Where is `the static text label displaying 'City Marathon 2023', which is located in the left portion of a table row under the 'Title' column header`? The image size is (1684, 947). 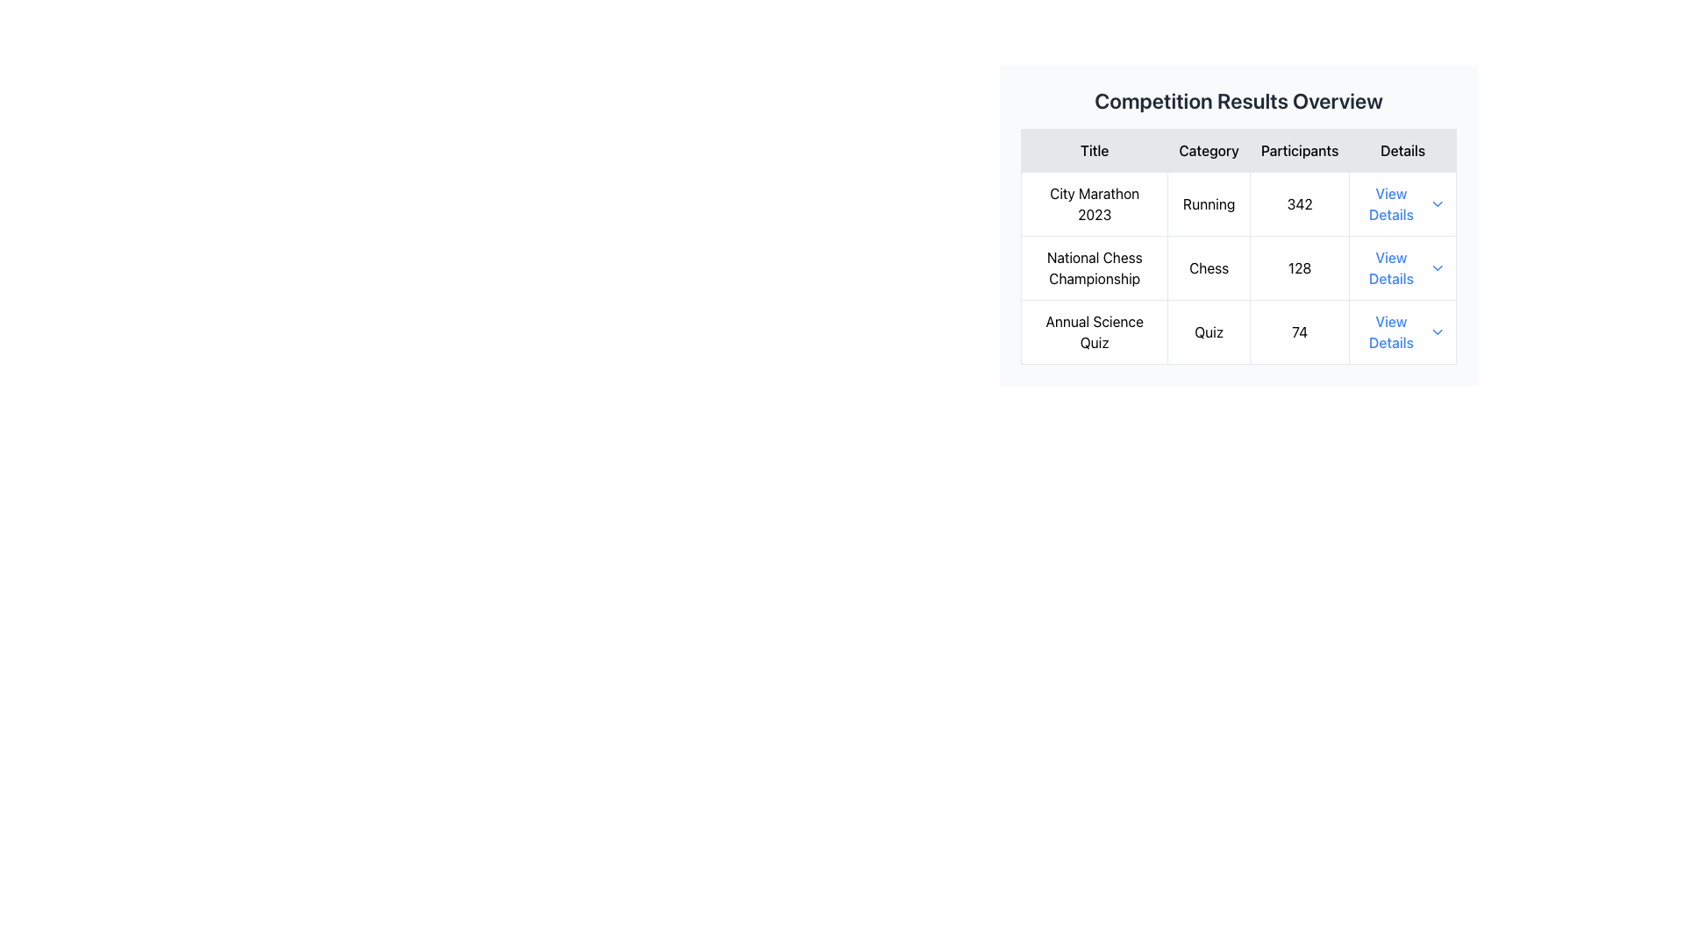
the static text label displaying 'City Marathon 2023', which is located in the left portion of a table row under the 'Title' column header is located at coordinates (1094, 203).